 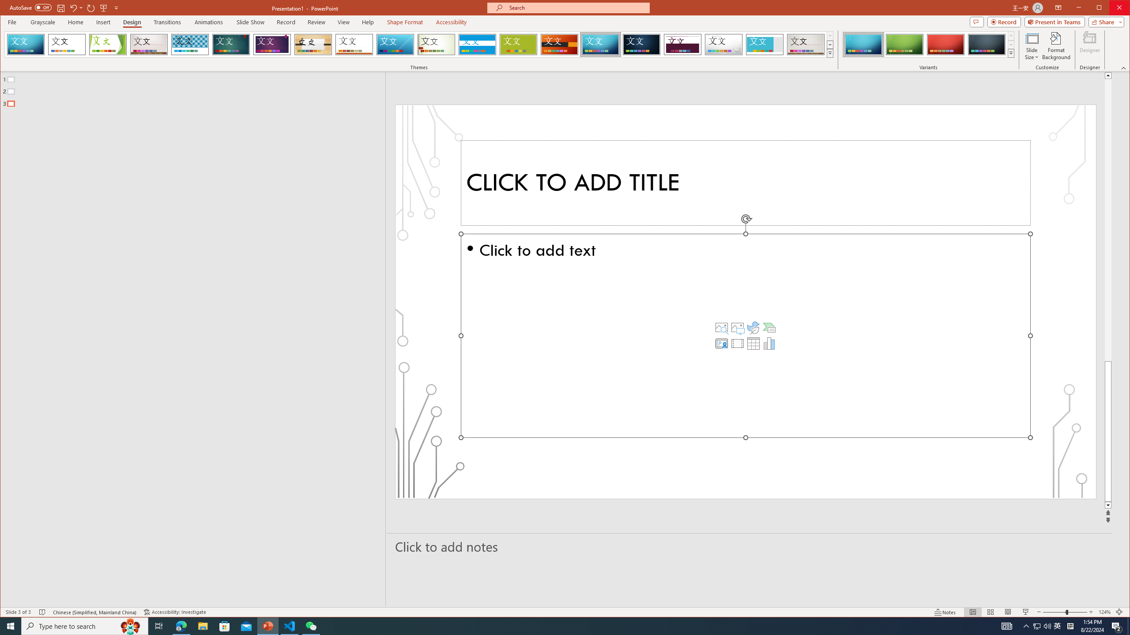 I want to click on 'Zoom In', so click(x=1090, y=612).